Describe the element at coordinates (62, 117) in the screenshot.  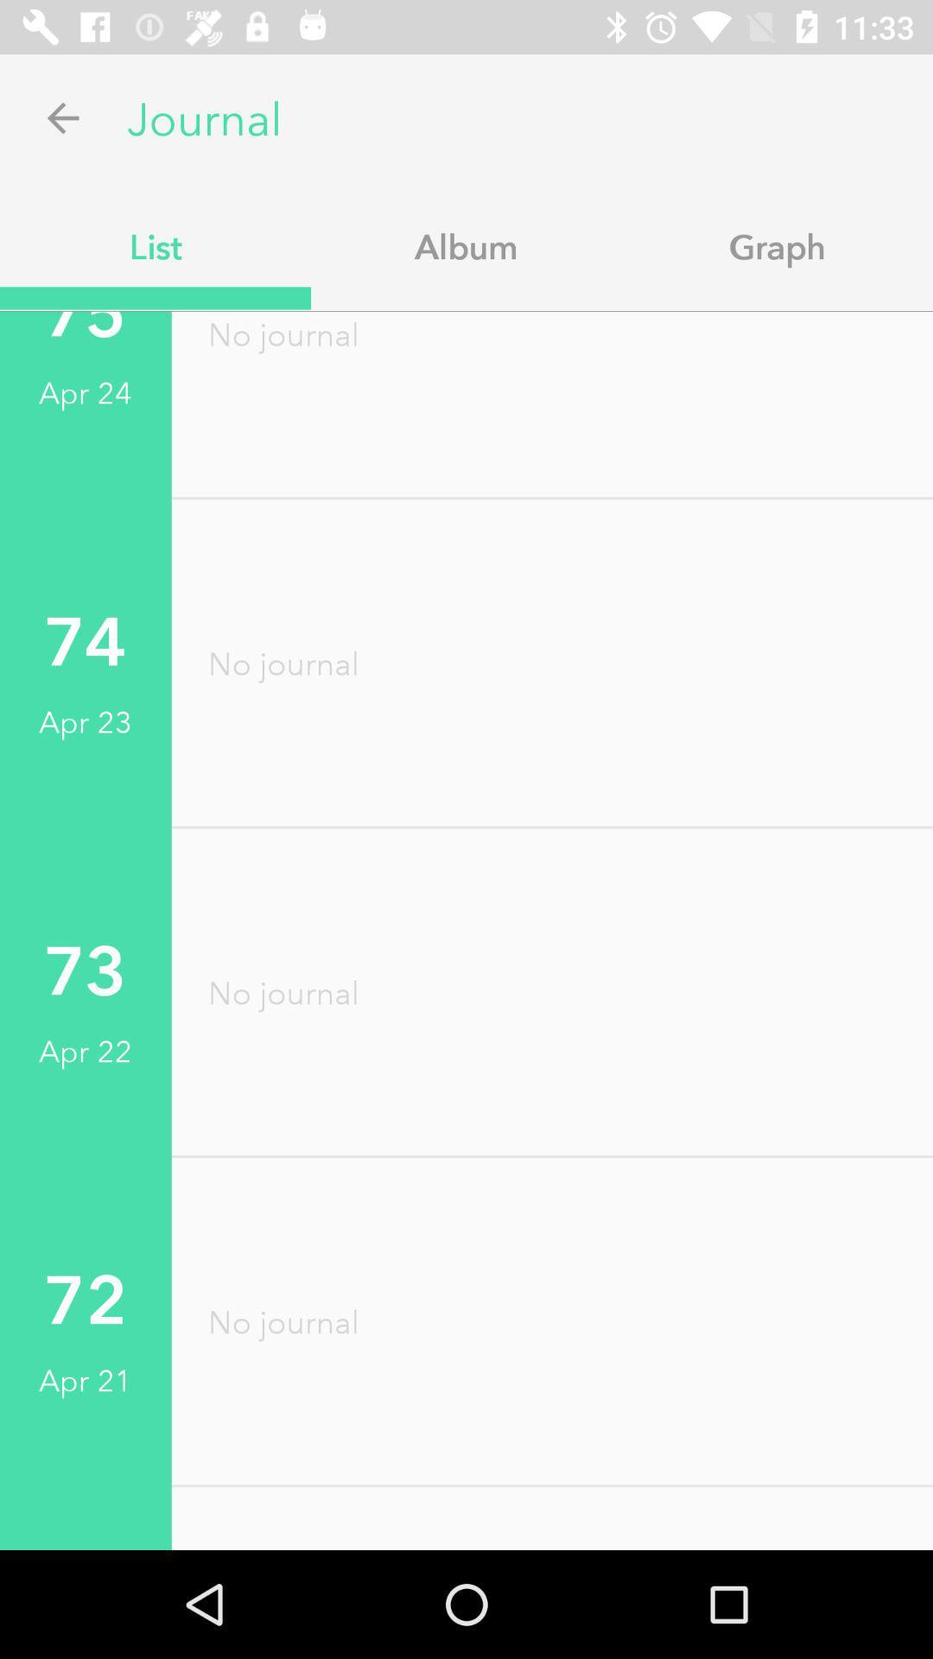
I see `go back` at that location.